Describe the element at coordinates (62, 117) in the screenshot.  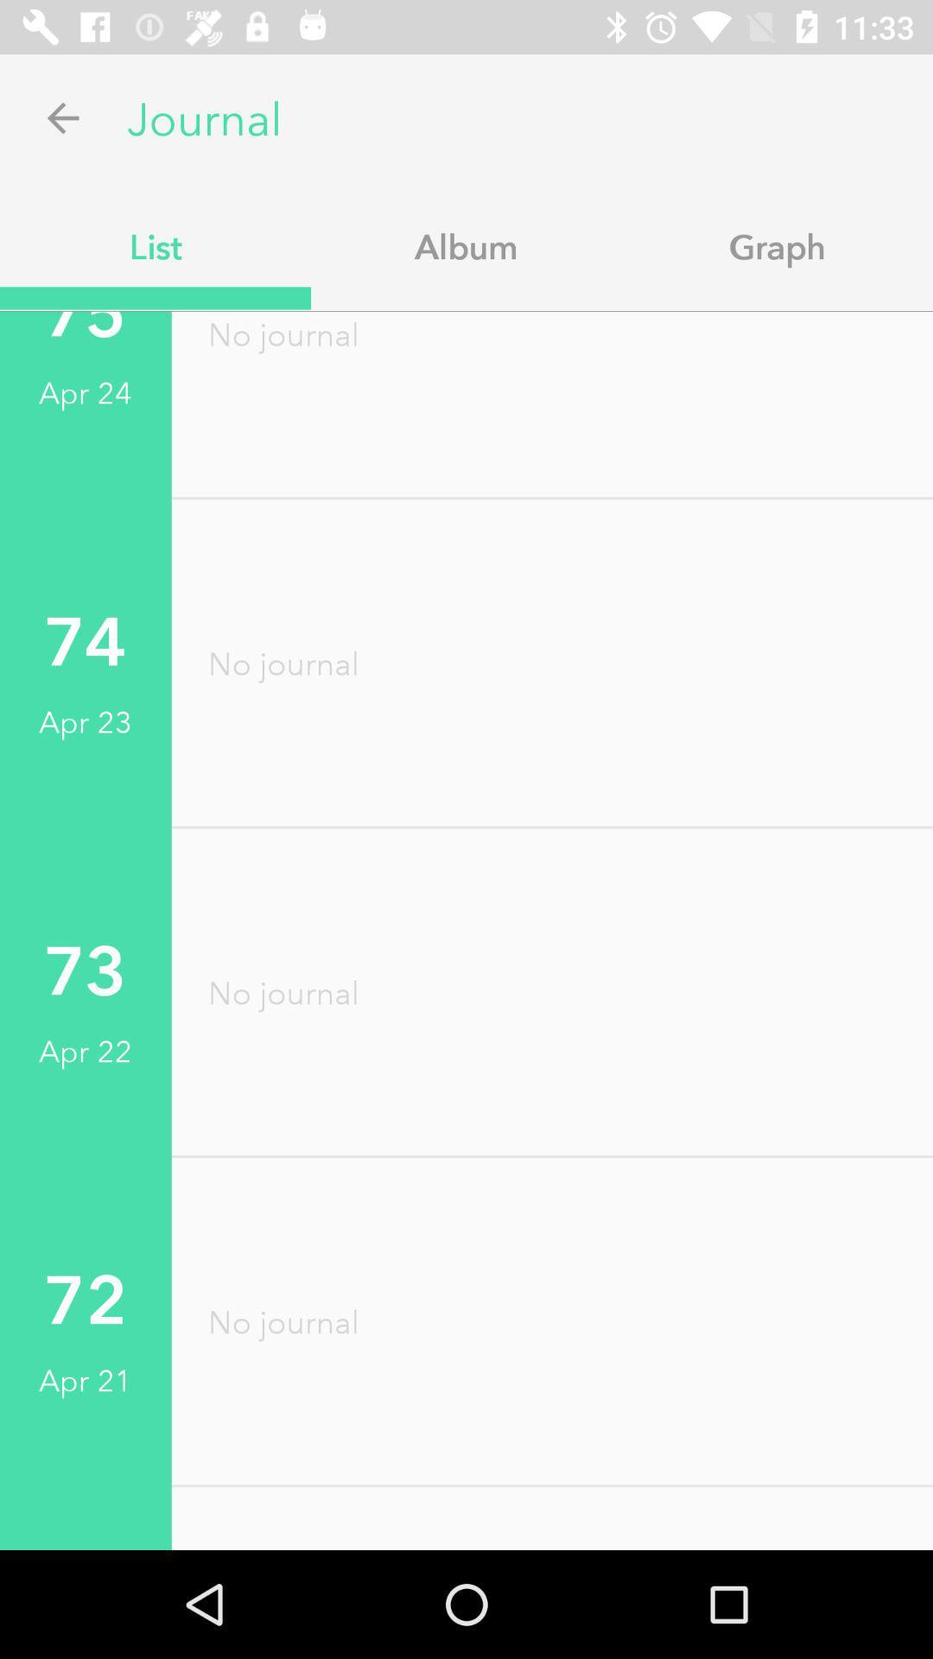
I see `go back` at that location.